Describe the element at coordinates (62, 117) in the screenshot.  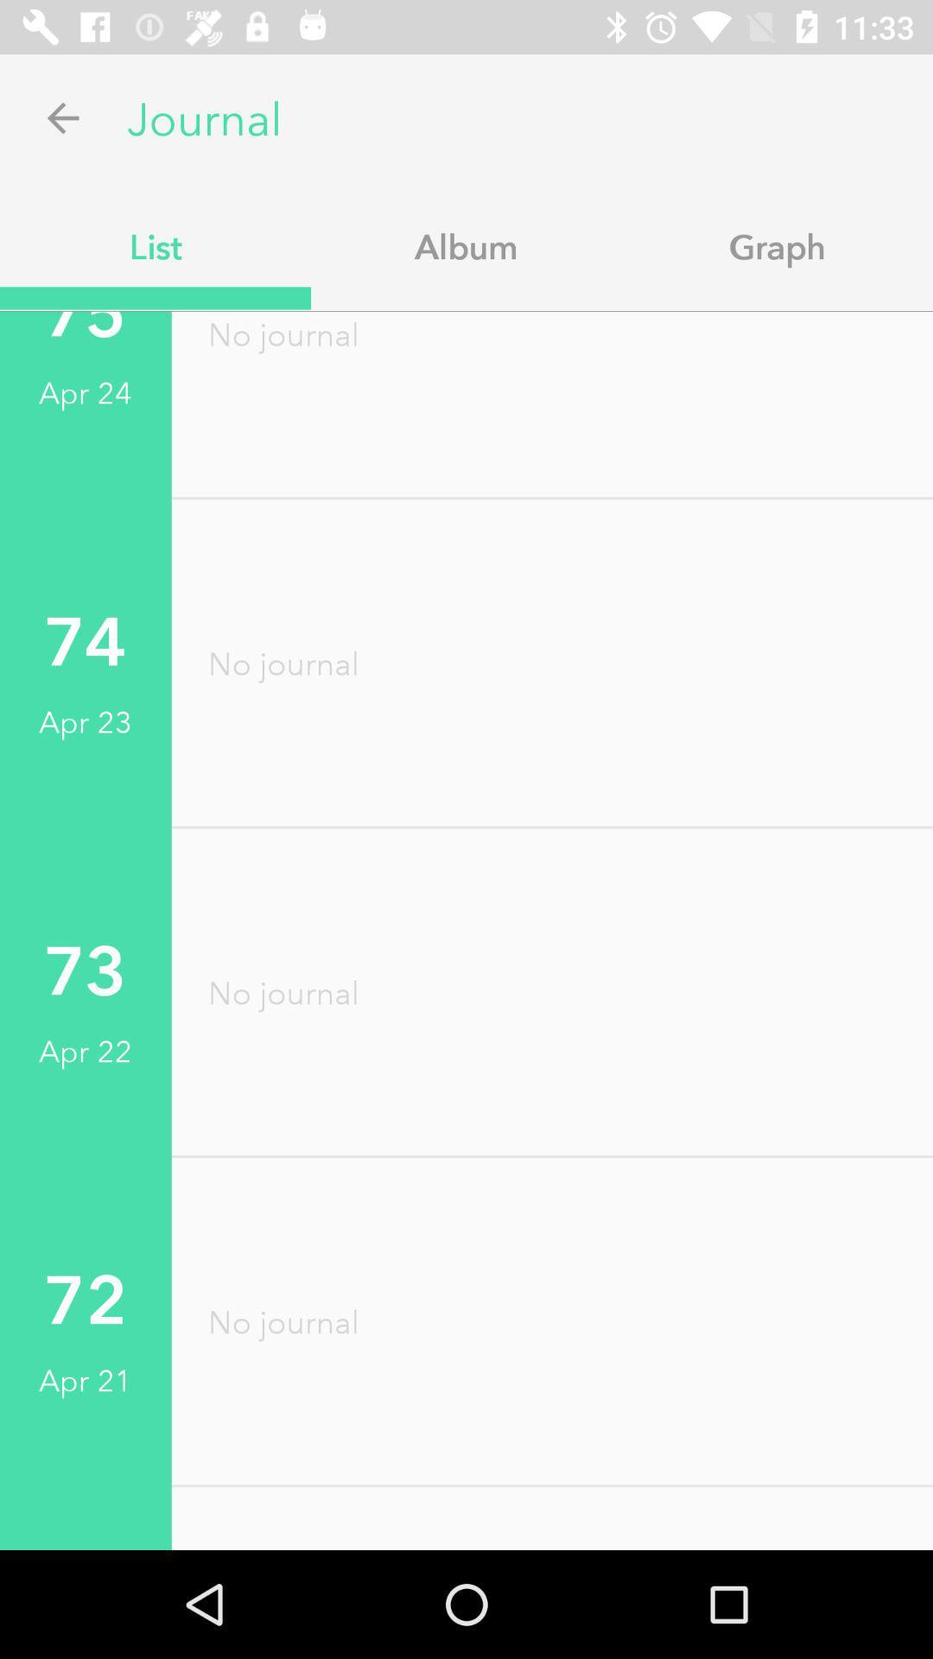
I see `go back` at that location.